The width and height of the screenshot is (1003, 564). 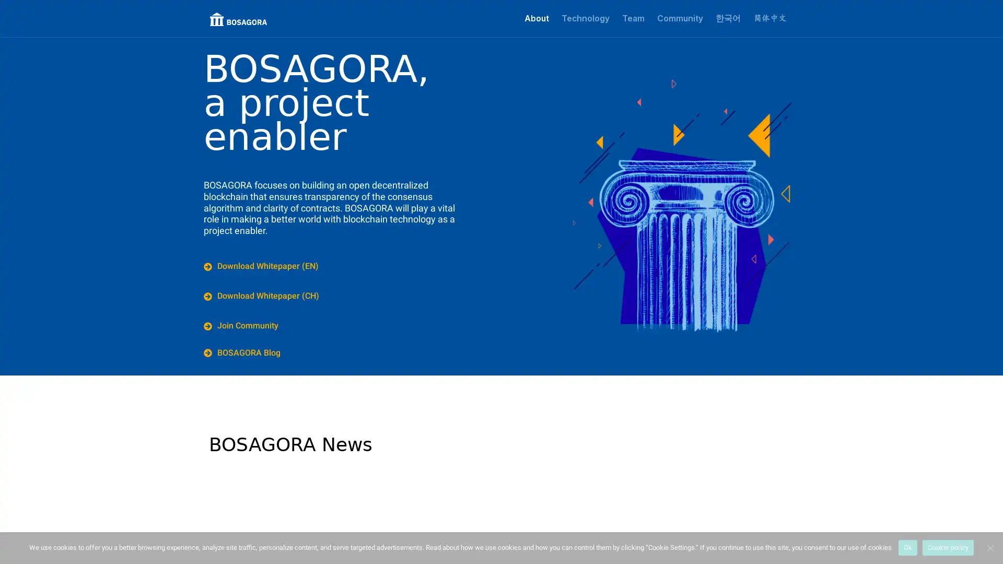 I want to click on Download Whitepaper (CH), so click(x=263, y=296).